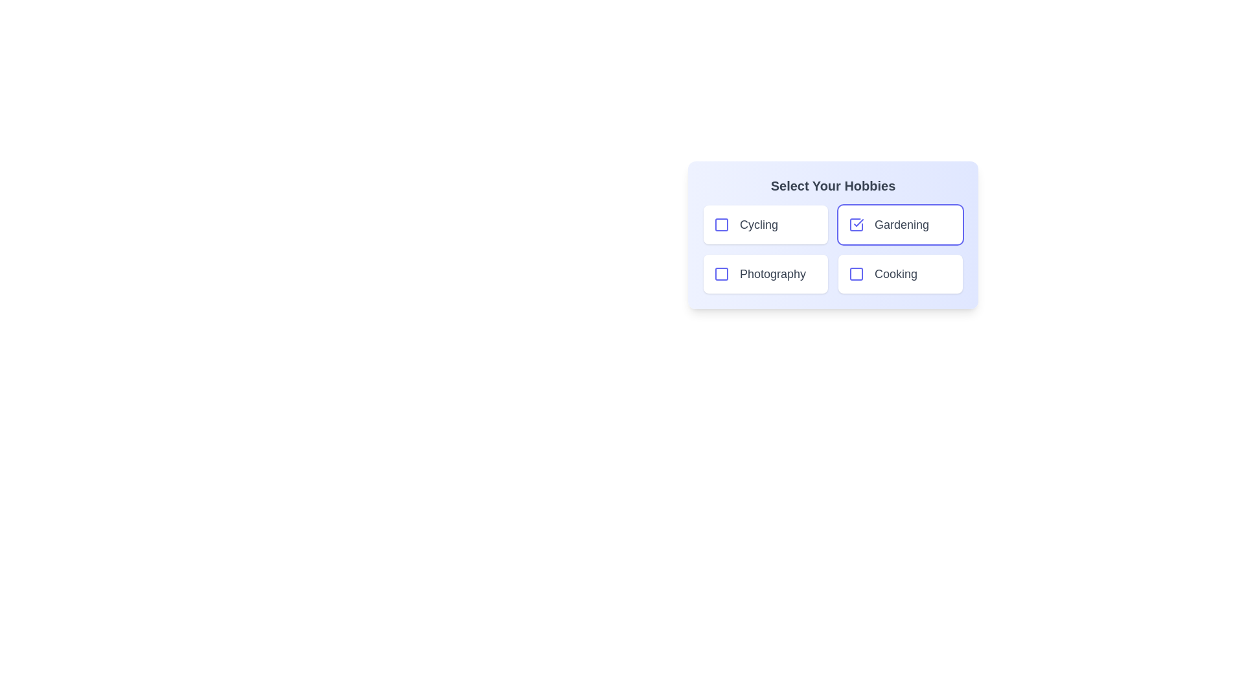 The height and width of the screenshot is (700, 1244). Describe the element at coordinates (720, 224) in the screenshot. I see `the hobby item Cycling` at that location.